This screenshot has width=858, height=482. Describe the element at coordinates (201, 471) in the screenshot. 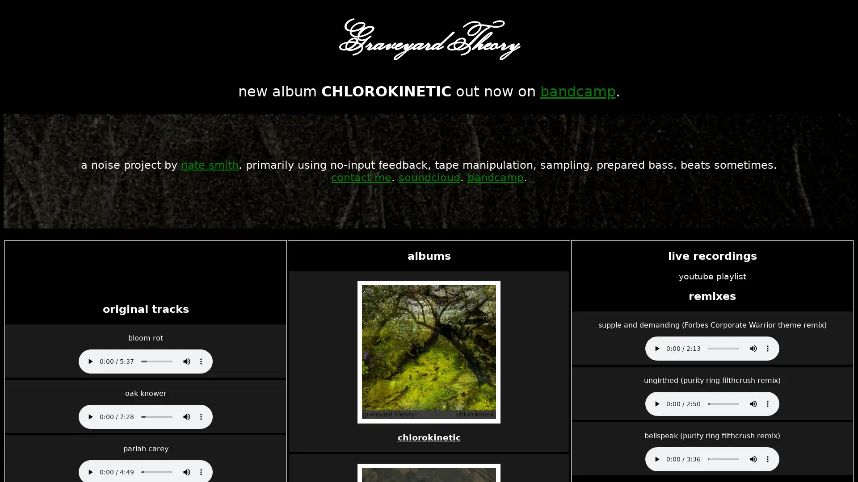

I see `show more media controls` at that location.